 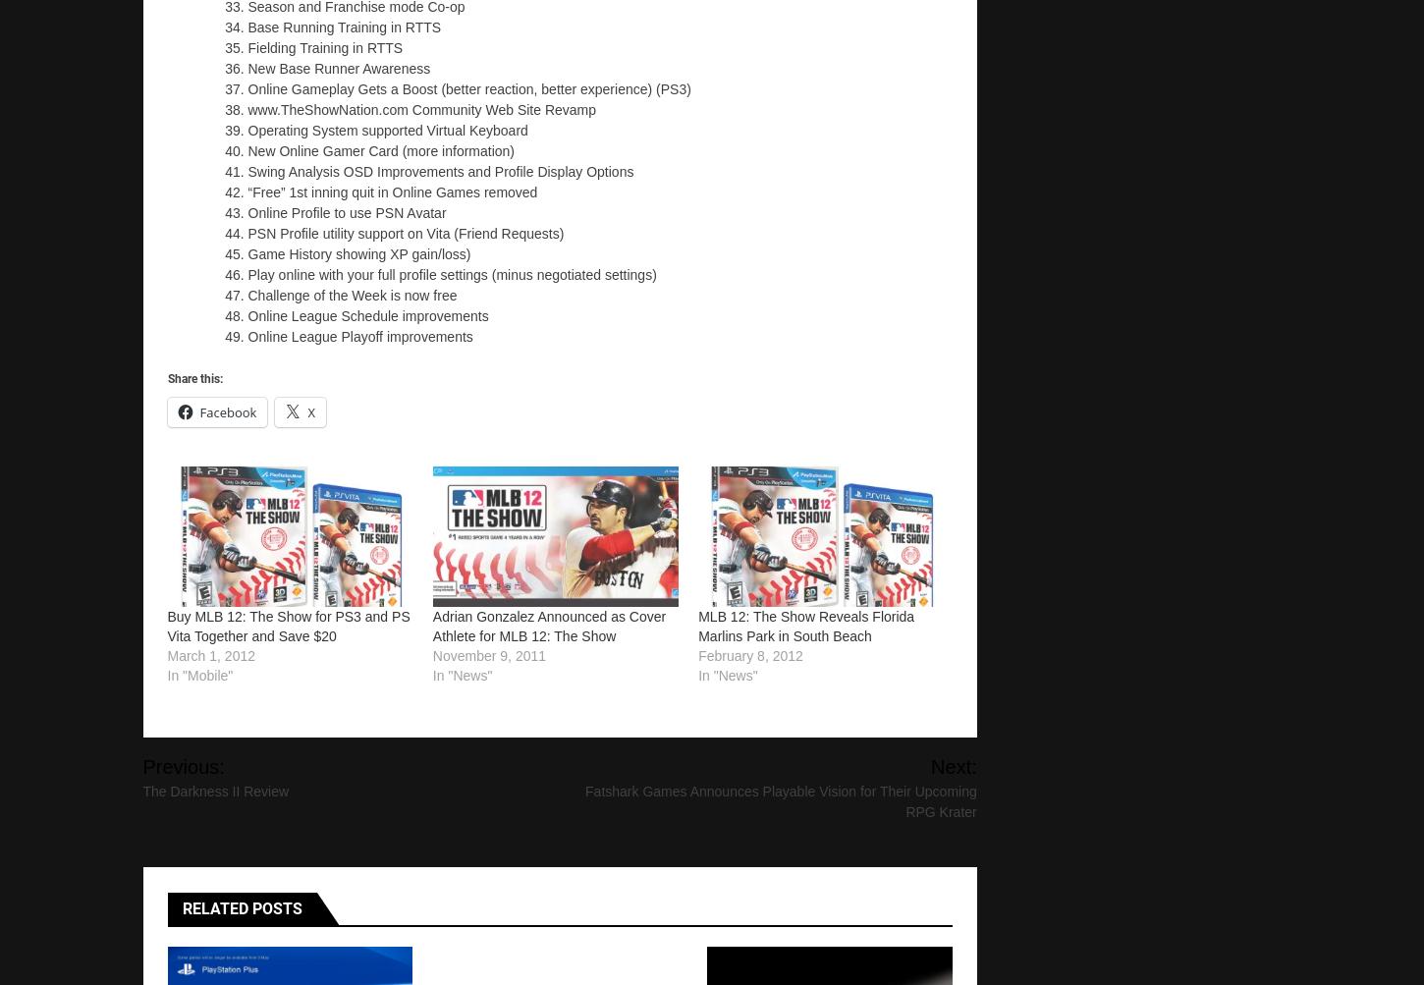 What do you see at coordinates (247, 87) in the screenshot?
I see `'Online Gameplay Gets a Boost (better reaction, better experience) (PS3)'` at bounding box center [247, 87].